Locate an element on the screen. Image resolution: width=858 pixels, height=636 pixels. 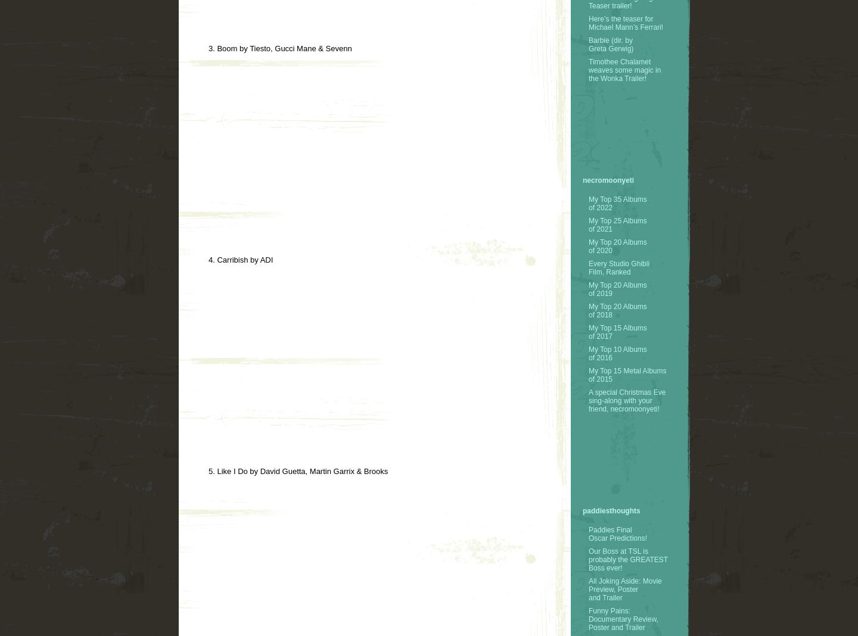
'My Top 20 Albums of 2018' is located at coordinates (617, 310).